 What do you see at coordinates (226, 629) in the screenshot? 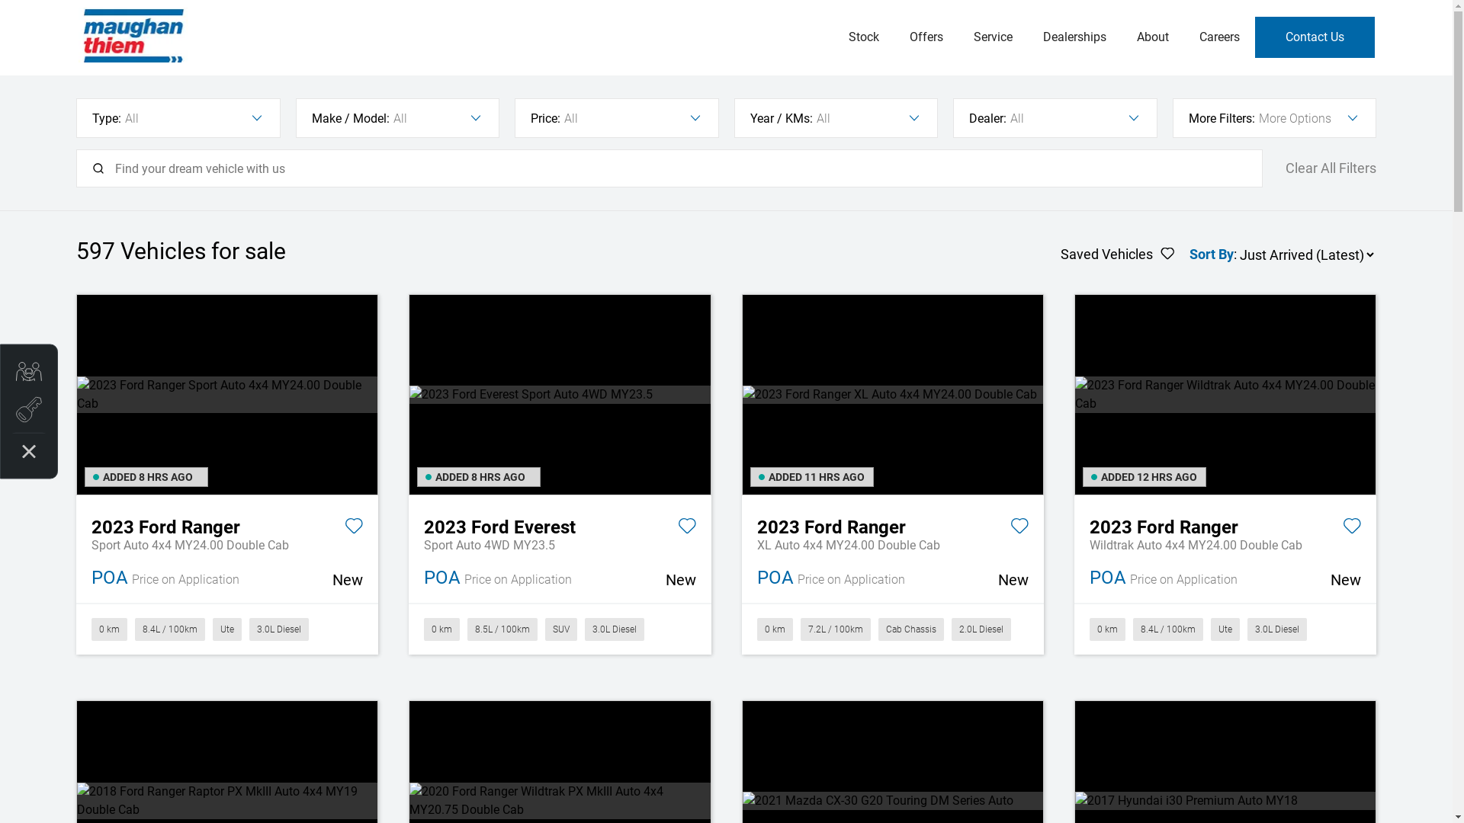
I see `'0 km` at bounding box center [226, 629].